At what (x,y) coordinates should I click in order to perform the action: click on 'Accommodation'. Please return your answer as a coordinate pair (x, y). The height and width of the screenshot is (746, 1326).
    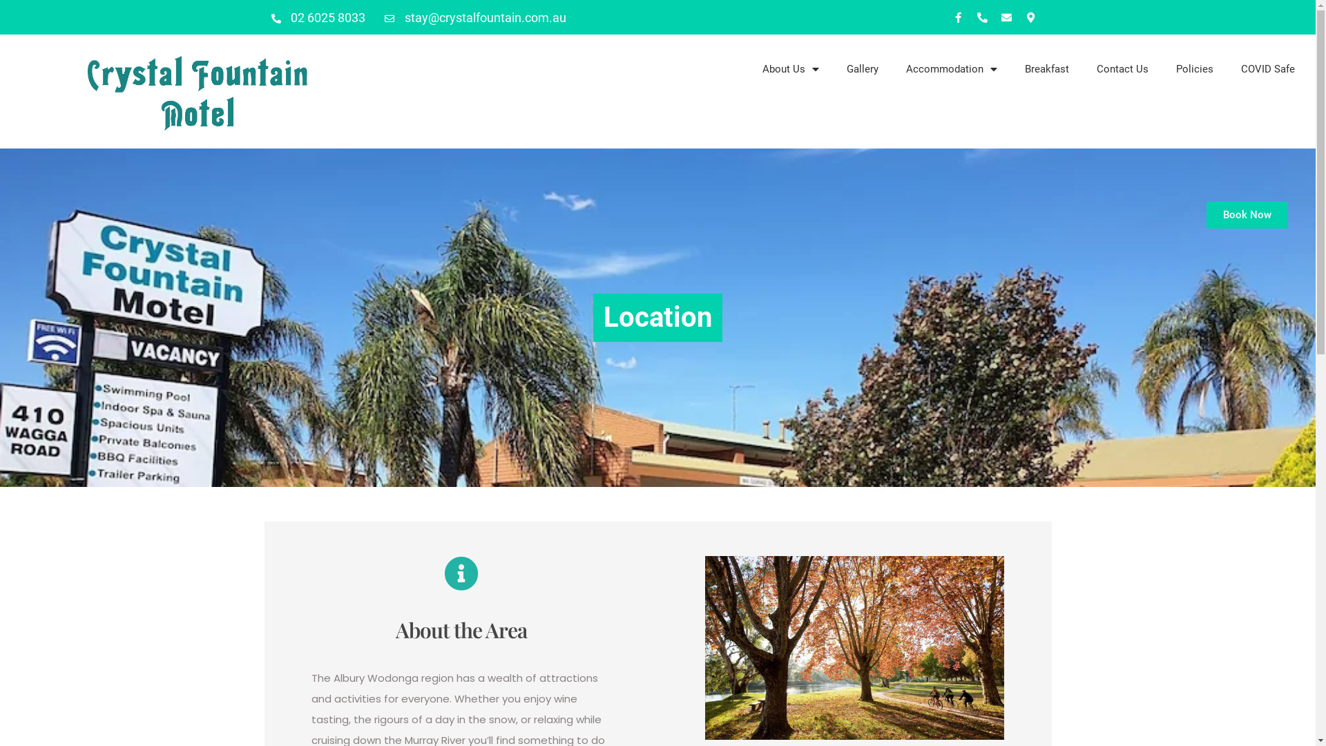
    Looking at the image, I should click on (950, 69).